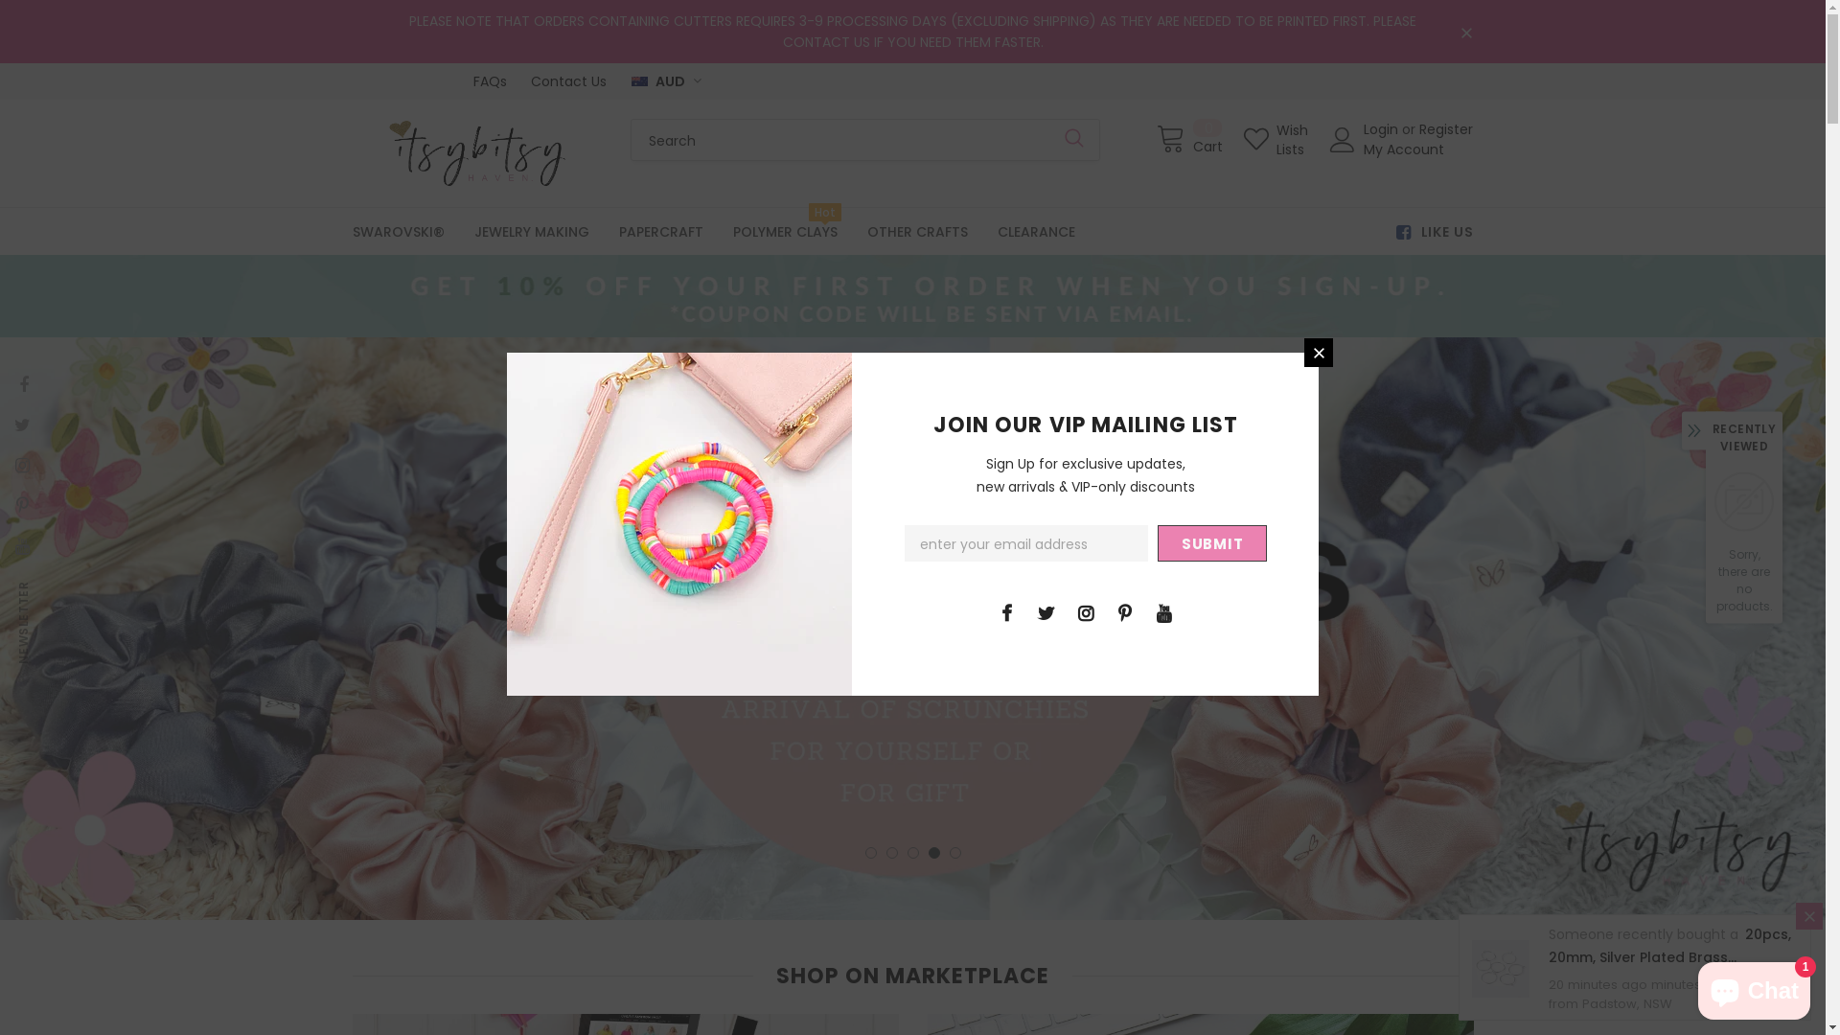 This screenshot has height=1035, width=1840. Describe the element at coordinates (530, 230) in the screenshot. I see `'JEWELRY MAKING'` at that location.